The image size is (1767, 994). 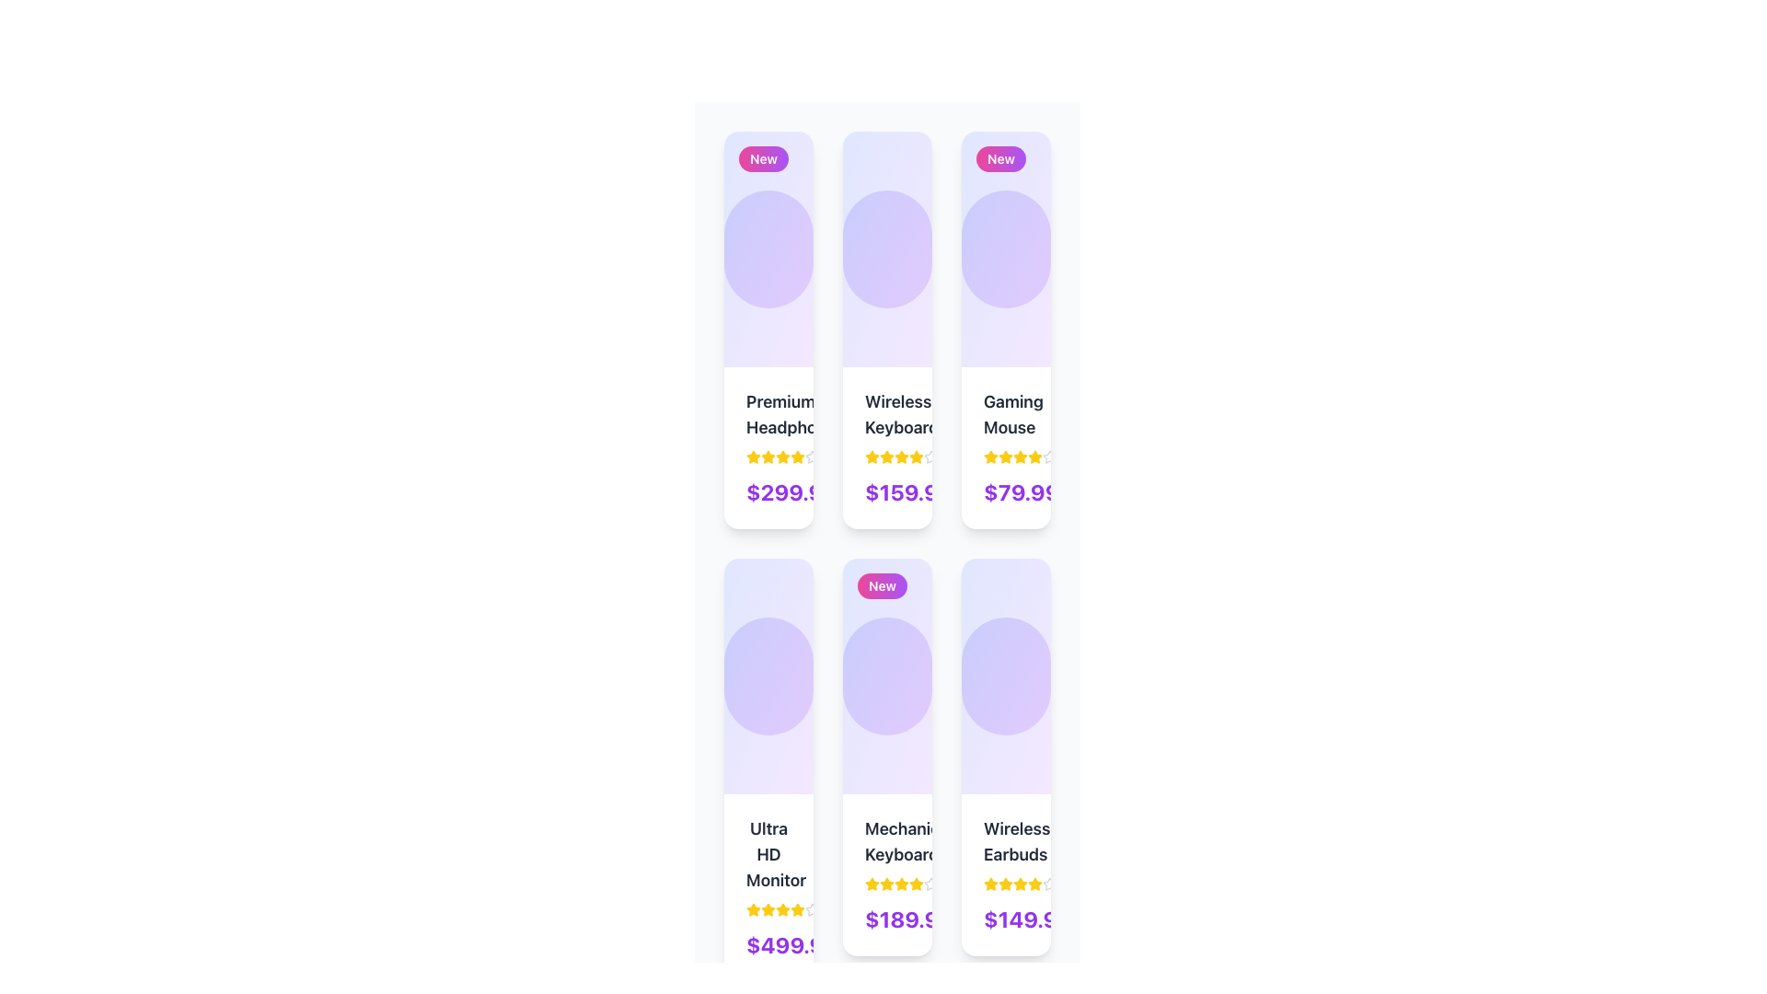 What do you see at coordinates (1005, 676) in the screenshot?
I see `the decorative graphic element located at the center of the fifth product card in the vertical grid, enhancing the visual aesthetics of the interface` at bounding box center [1005, 676].